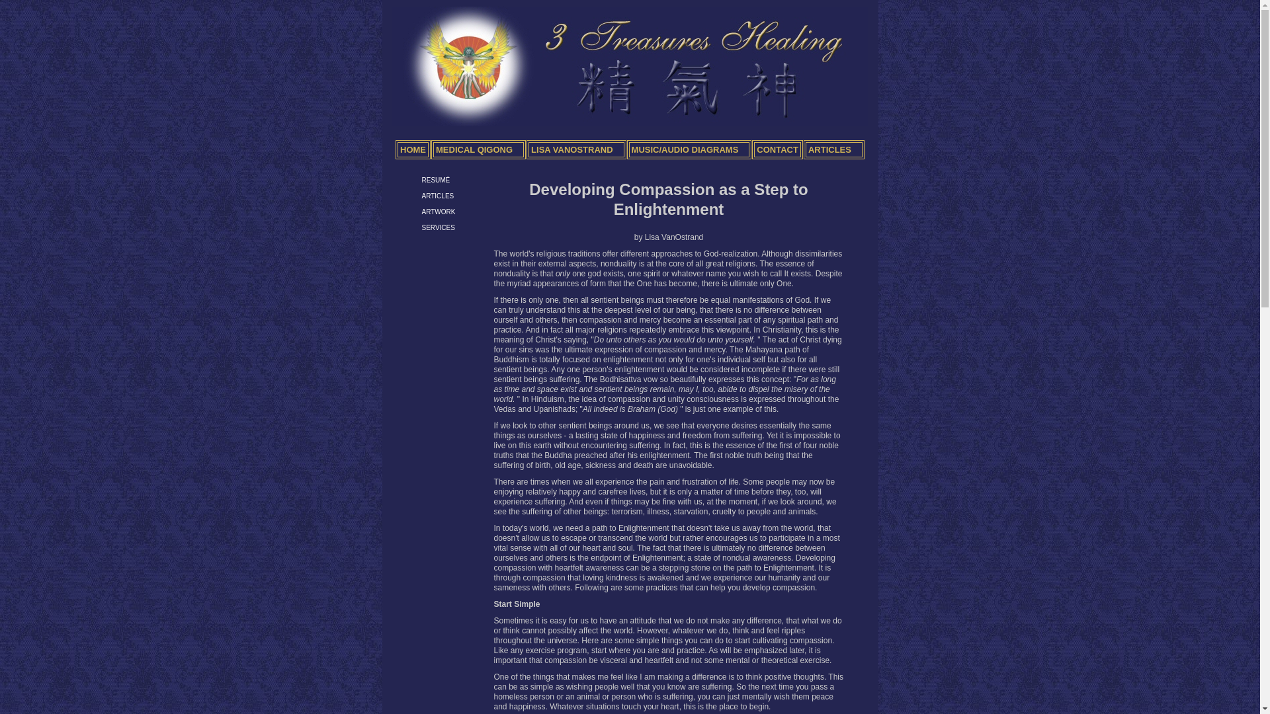 This screenshot has height=714, width=1270. Describe the element at coordinates (478, 149) in the screenshot. I see `'MEDICAL QIGONG'` at that location.